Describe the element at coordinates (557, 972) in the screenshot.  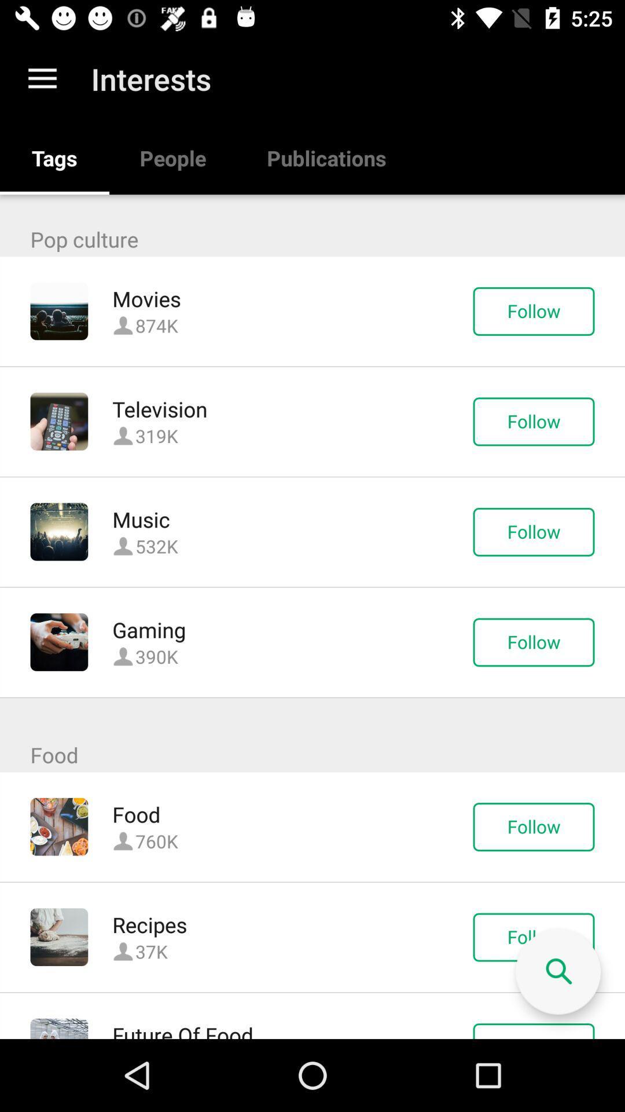
I see `search button` at that location.